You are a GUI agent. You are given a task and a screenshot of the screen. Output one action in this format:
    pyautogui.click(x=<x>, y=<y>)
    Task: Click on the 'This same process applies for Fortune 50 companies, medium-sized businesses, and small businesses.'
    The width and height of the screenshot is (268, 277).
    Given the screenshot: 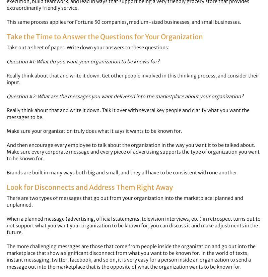 What is the action you would take?
    pyautogui.click(x=124, y=22)
    